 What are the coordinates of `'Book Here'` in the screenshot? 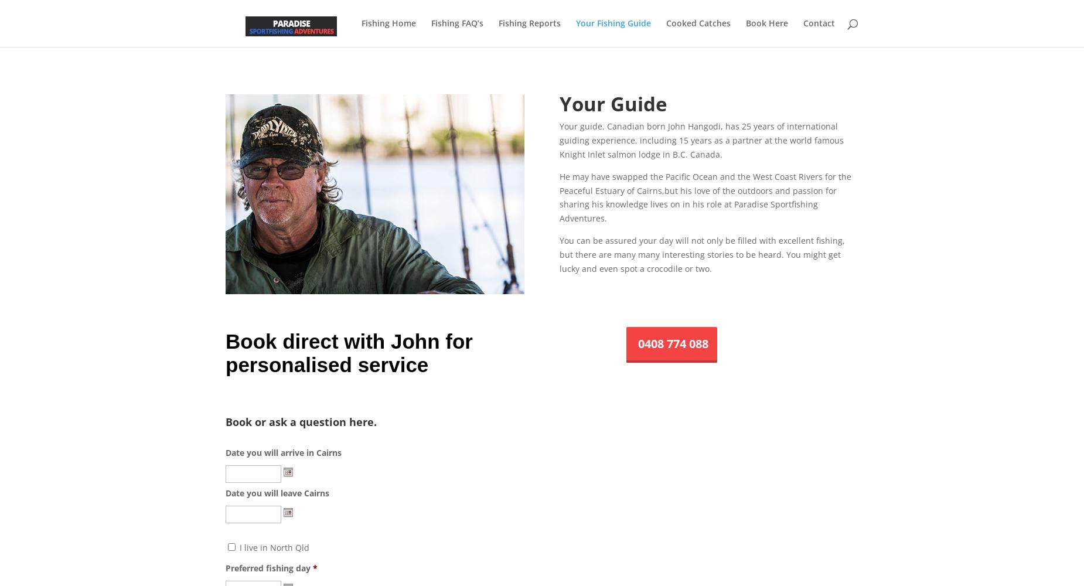 It's located at (766, 23).